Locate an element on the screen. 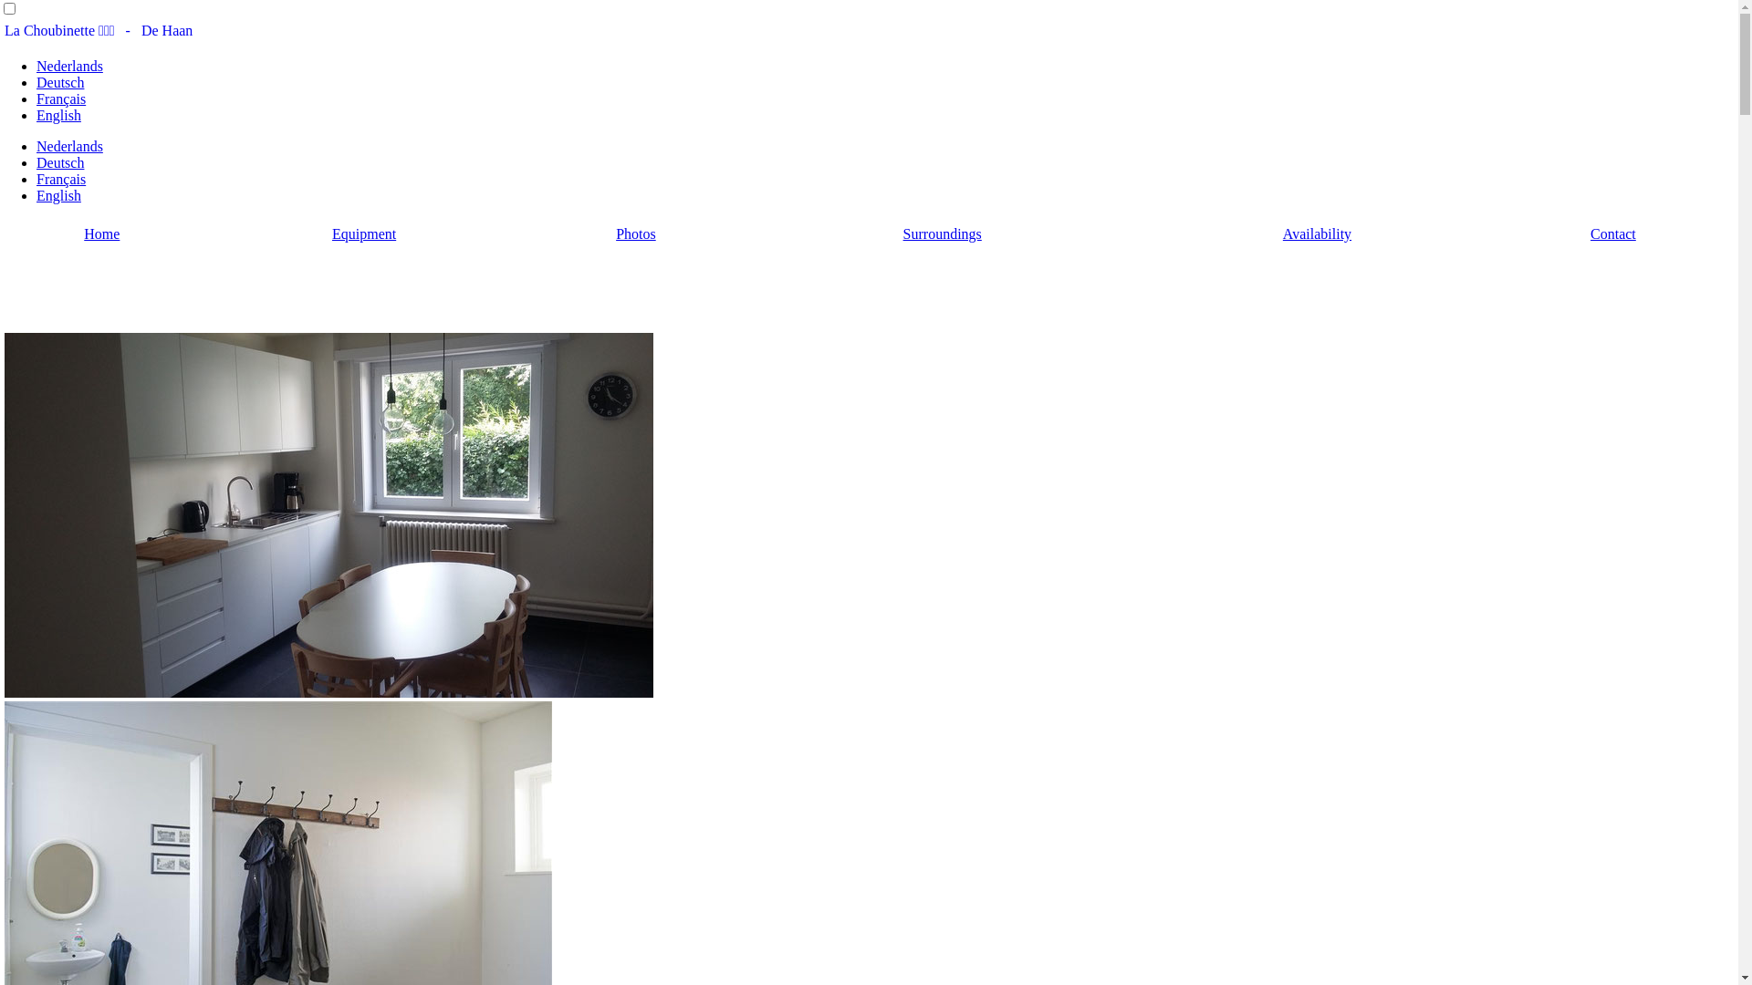 The height and width of the screenshot is (985, 1752). 'Nederlands' is located at coordinates (69, 145).